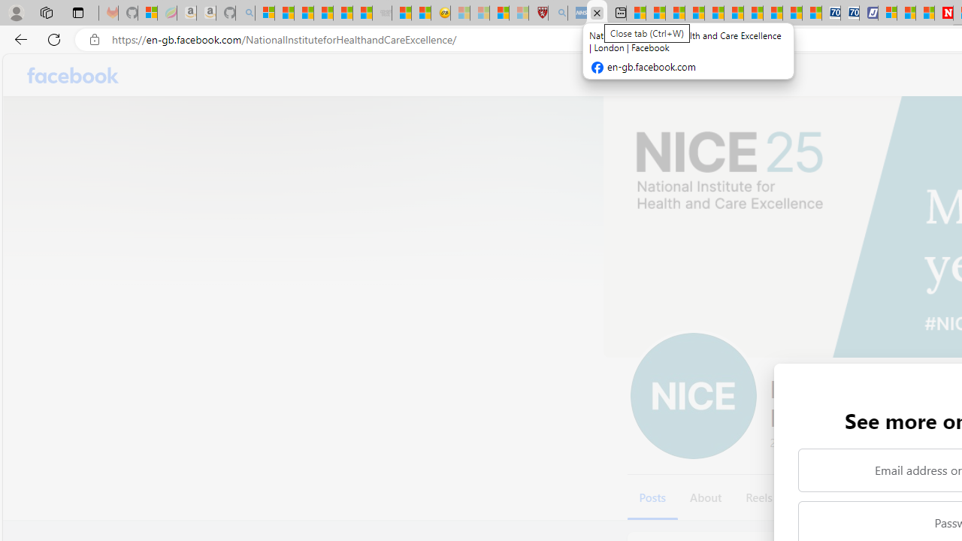 This screenshot has width=962, height=541. Describe the element at coordinates (519, 13) in the screenshot. I see `'12 Popular Science Lies that Must be Corrected - Sleeping'` at that location.